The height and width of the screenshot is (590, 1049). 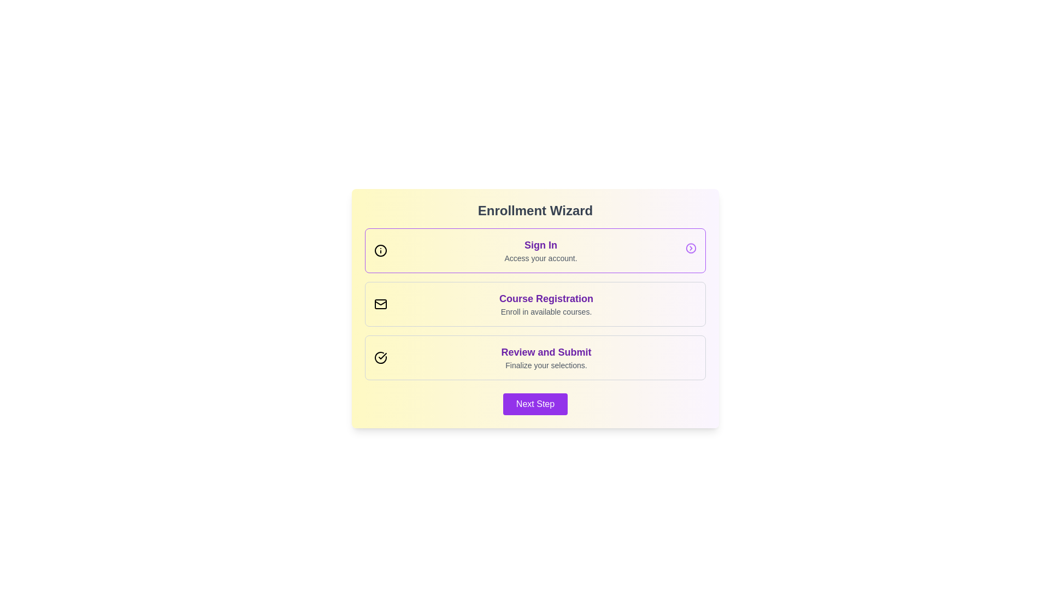 I want to click on the second section of the vertical list of steps, so click(x=535, y=304).